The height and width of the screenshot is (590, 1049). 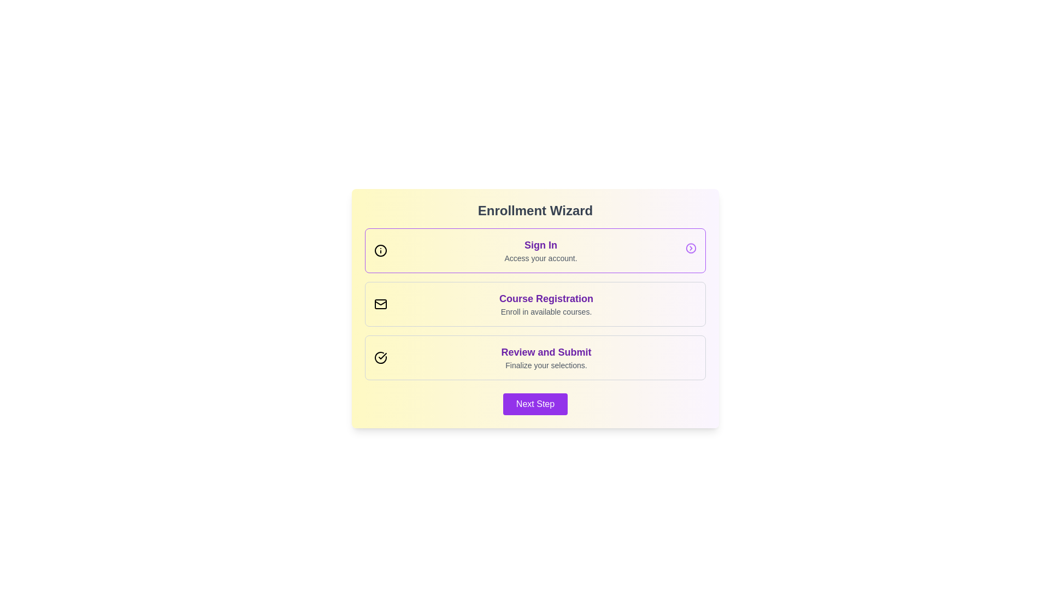 I want to click on the second section of the vertical list of steps, so click(x=535, y=304).